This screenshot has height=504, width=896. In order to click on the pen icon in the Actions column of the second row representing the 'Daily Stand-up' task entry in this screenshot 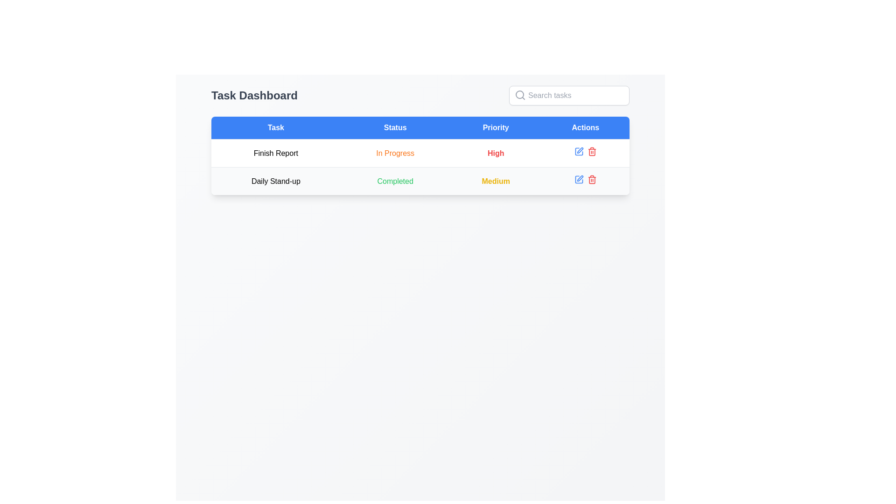, I will do `click(578, 180)`.